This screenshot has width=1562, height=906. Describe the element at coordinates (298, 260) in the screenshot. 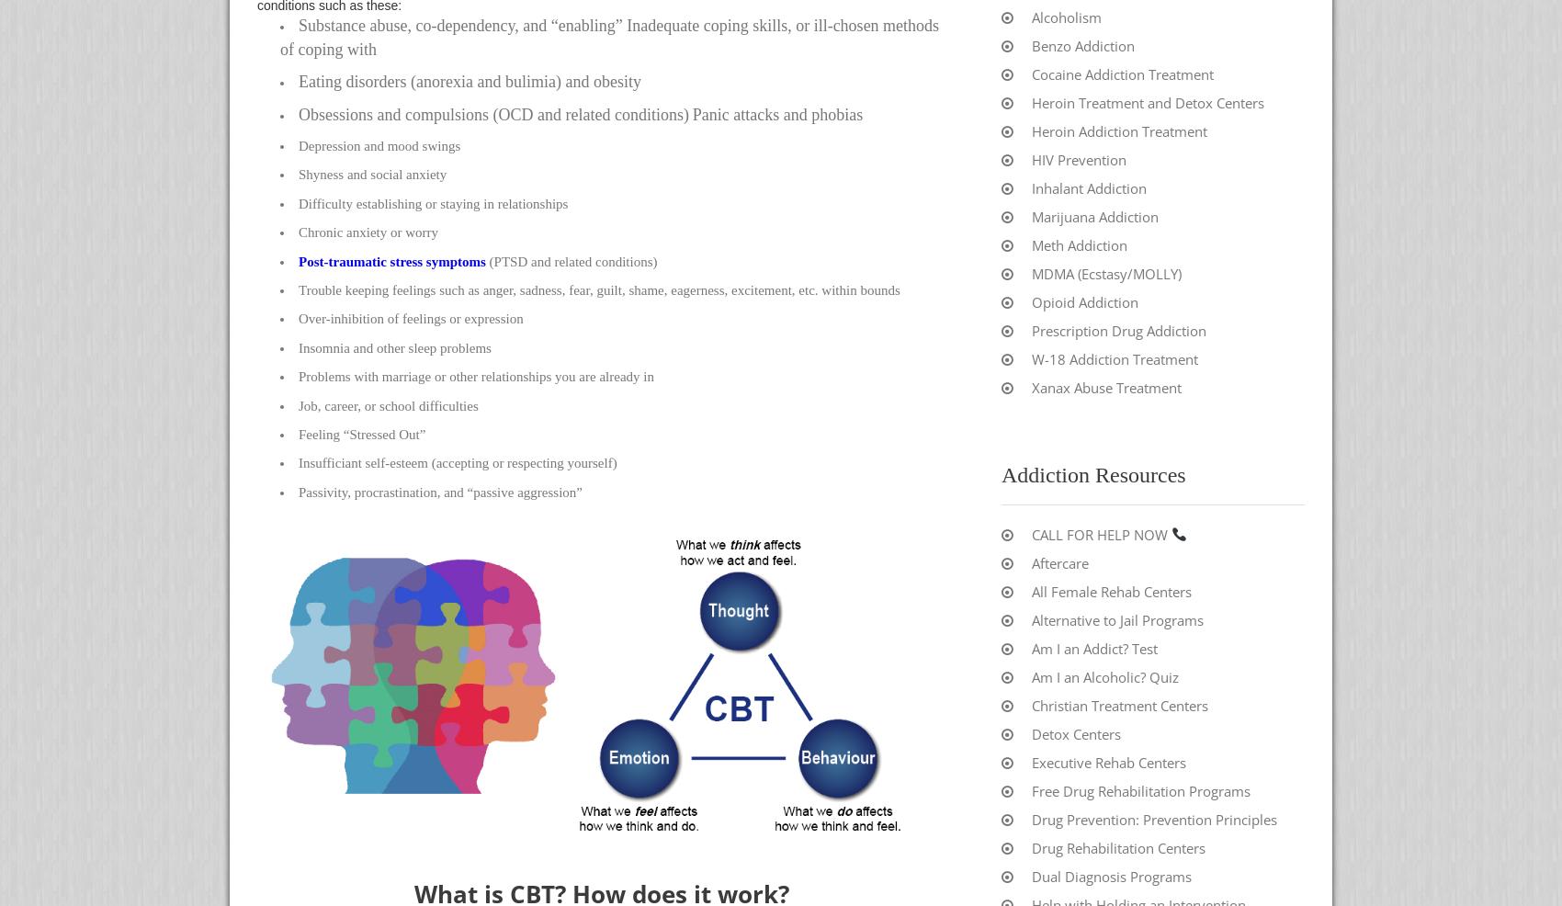

I see `'Post-traumatic stress symptoms'` at that location.